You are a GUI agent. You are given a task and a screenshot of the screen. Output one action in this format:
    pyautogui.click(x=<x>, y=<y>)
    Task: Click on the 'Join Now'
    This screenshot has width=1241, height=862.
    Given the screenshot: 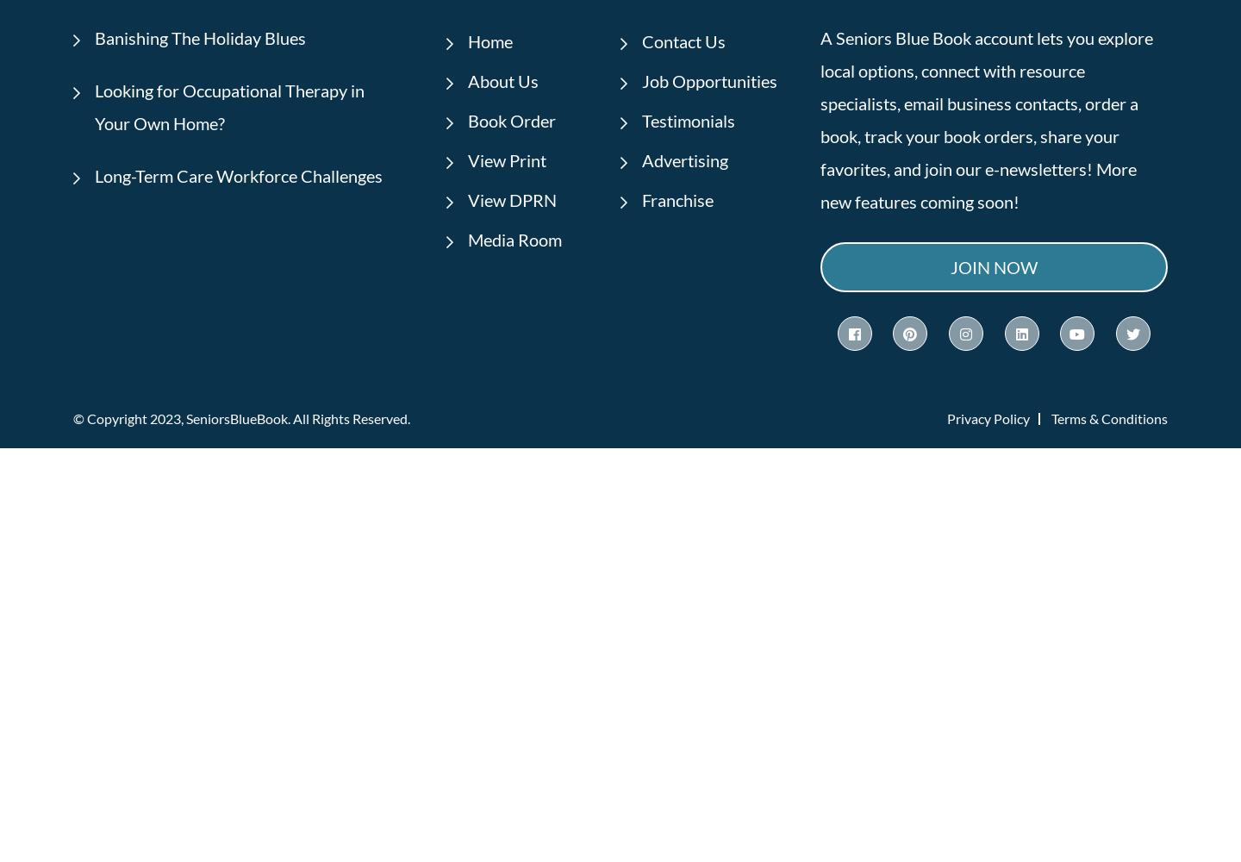 What is the action you would take?
    pyautogui.click(x=993, y=266)
    